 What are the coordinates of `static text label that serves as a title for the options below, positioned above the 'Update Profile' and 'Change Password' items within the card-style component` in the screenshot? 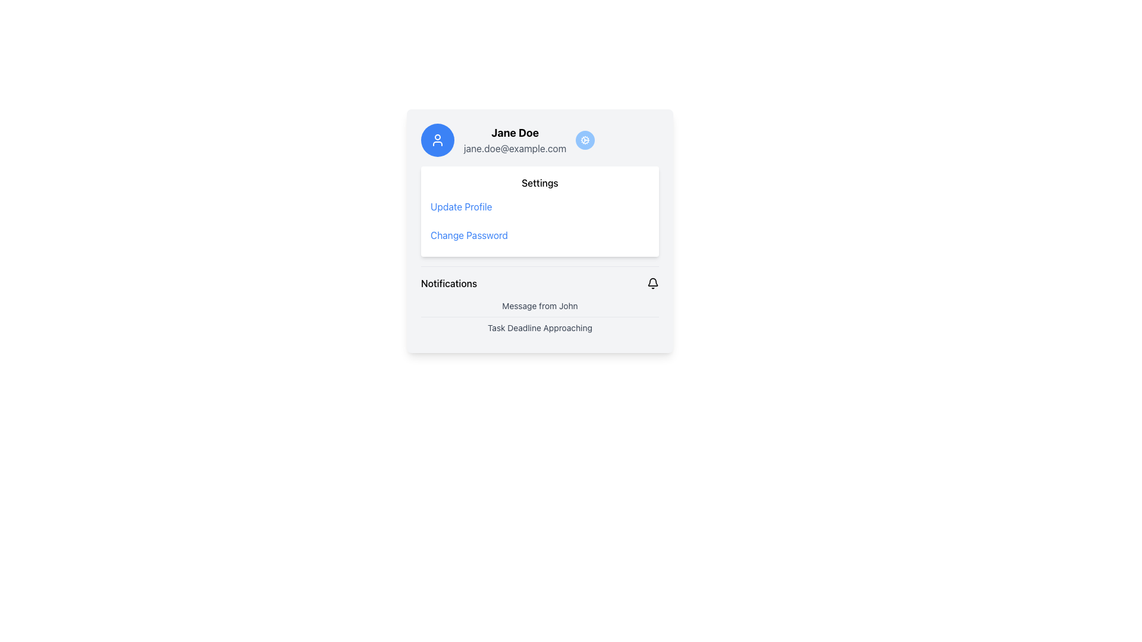 It's located at (539, 183).